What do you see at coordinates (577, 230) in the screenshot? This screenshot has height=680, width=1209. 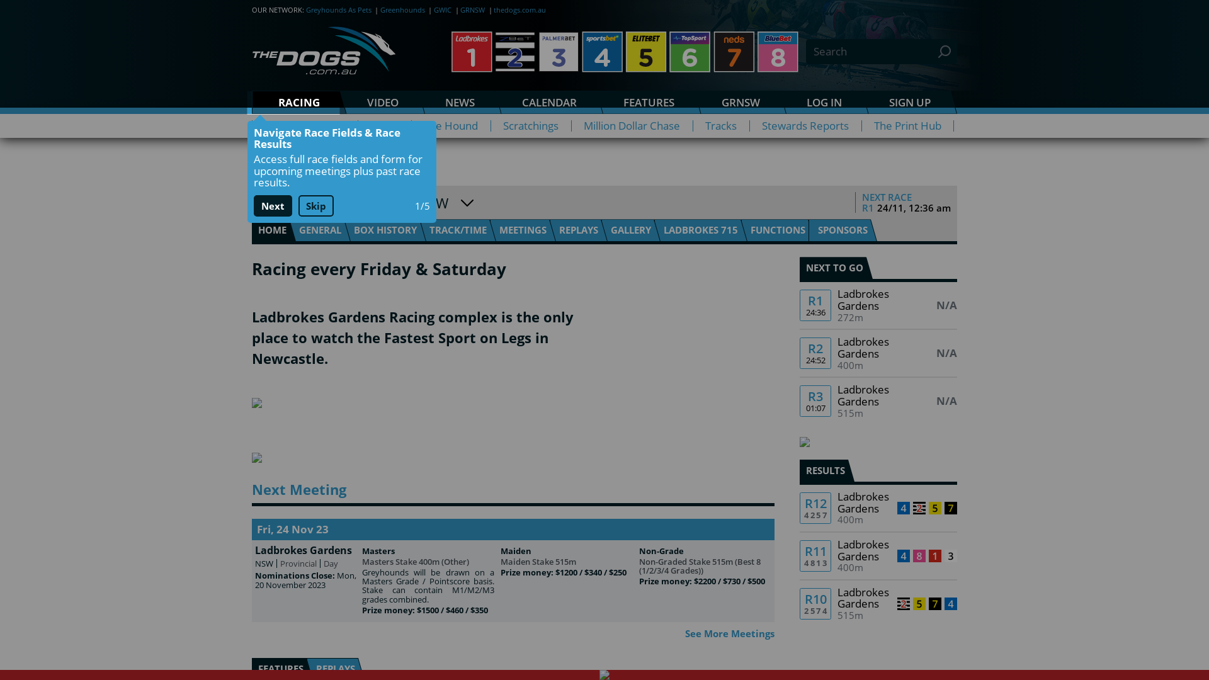 I see `'REPLAYS'` at bounding box center [577, 230].